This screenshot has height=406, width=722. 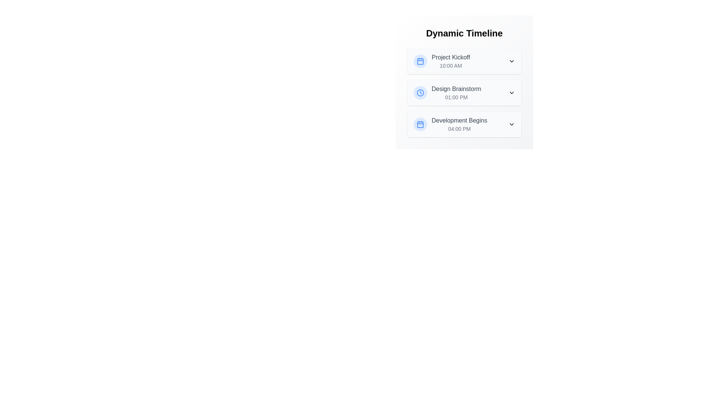 I want to click on displayed information from the text label that informs users about a scheduled event, located to the right of the circular blue calendar icon under the 'Dynamic Timeline' heading, so click(x=451, y=61).